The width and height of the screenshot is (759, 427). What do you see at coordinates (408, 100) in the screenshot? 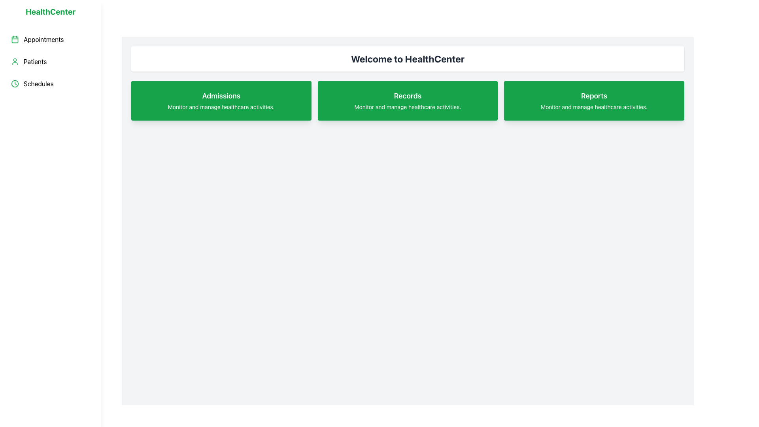
I see `the Informational Card titled 'Records' with a green background, located as the second card in the grid layout` at bounding box center [408, 100].